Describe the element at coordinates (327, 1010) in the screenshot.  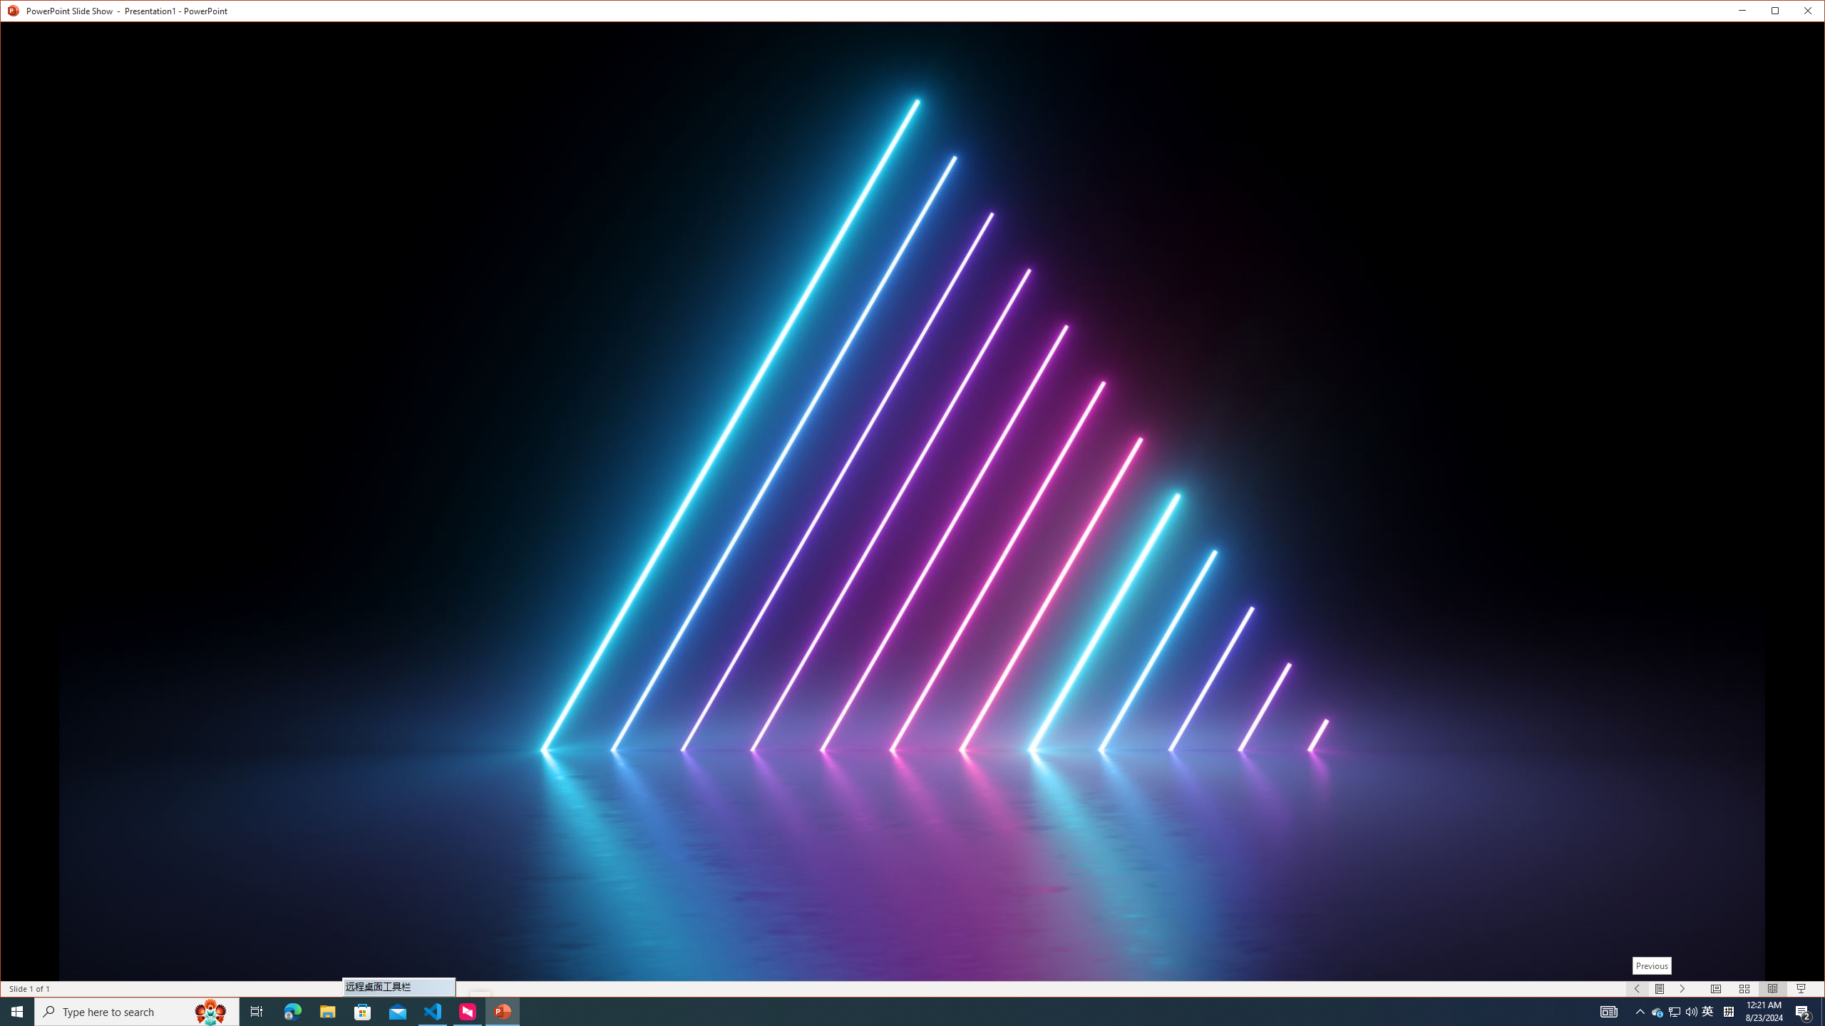
I see `'File Explorer'` at that location.